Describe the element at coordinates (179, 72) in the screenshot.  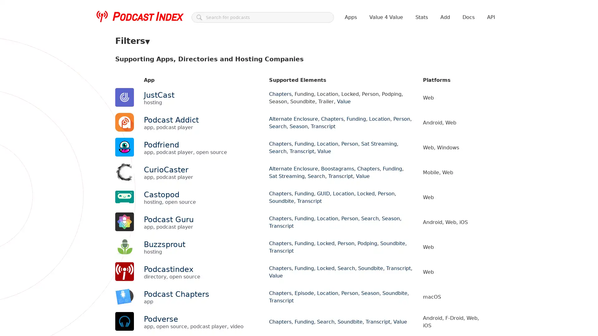
I see `Wordpress Plugin` at that location.